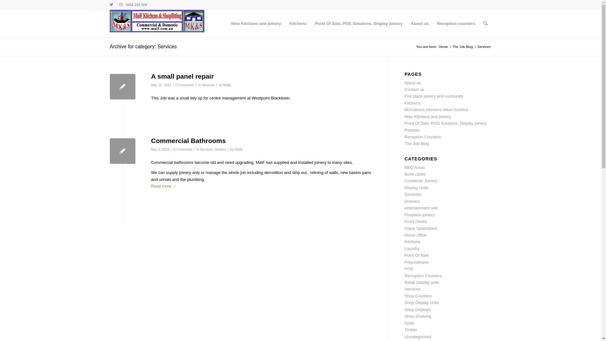 This screenshot has height=341, width=606. Describe the element at coordinates (143, 46) in the screenshot. I see `'Archive for category: Services'` at that location.